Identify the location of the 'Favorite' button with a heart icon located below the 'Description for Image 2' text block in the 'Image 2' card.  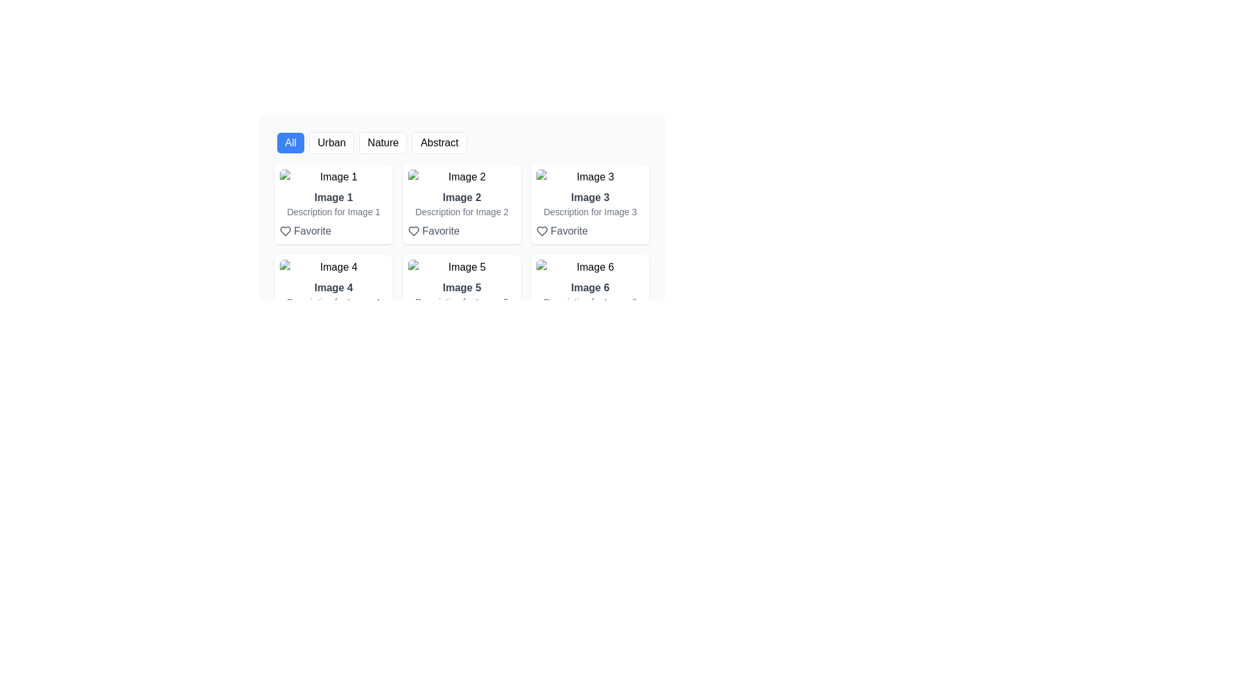
(433, 230).